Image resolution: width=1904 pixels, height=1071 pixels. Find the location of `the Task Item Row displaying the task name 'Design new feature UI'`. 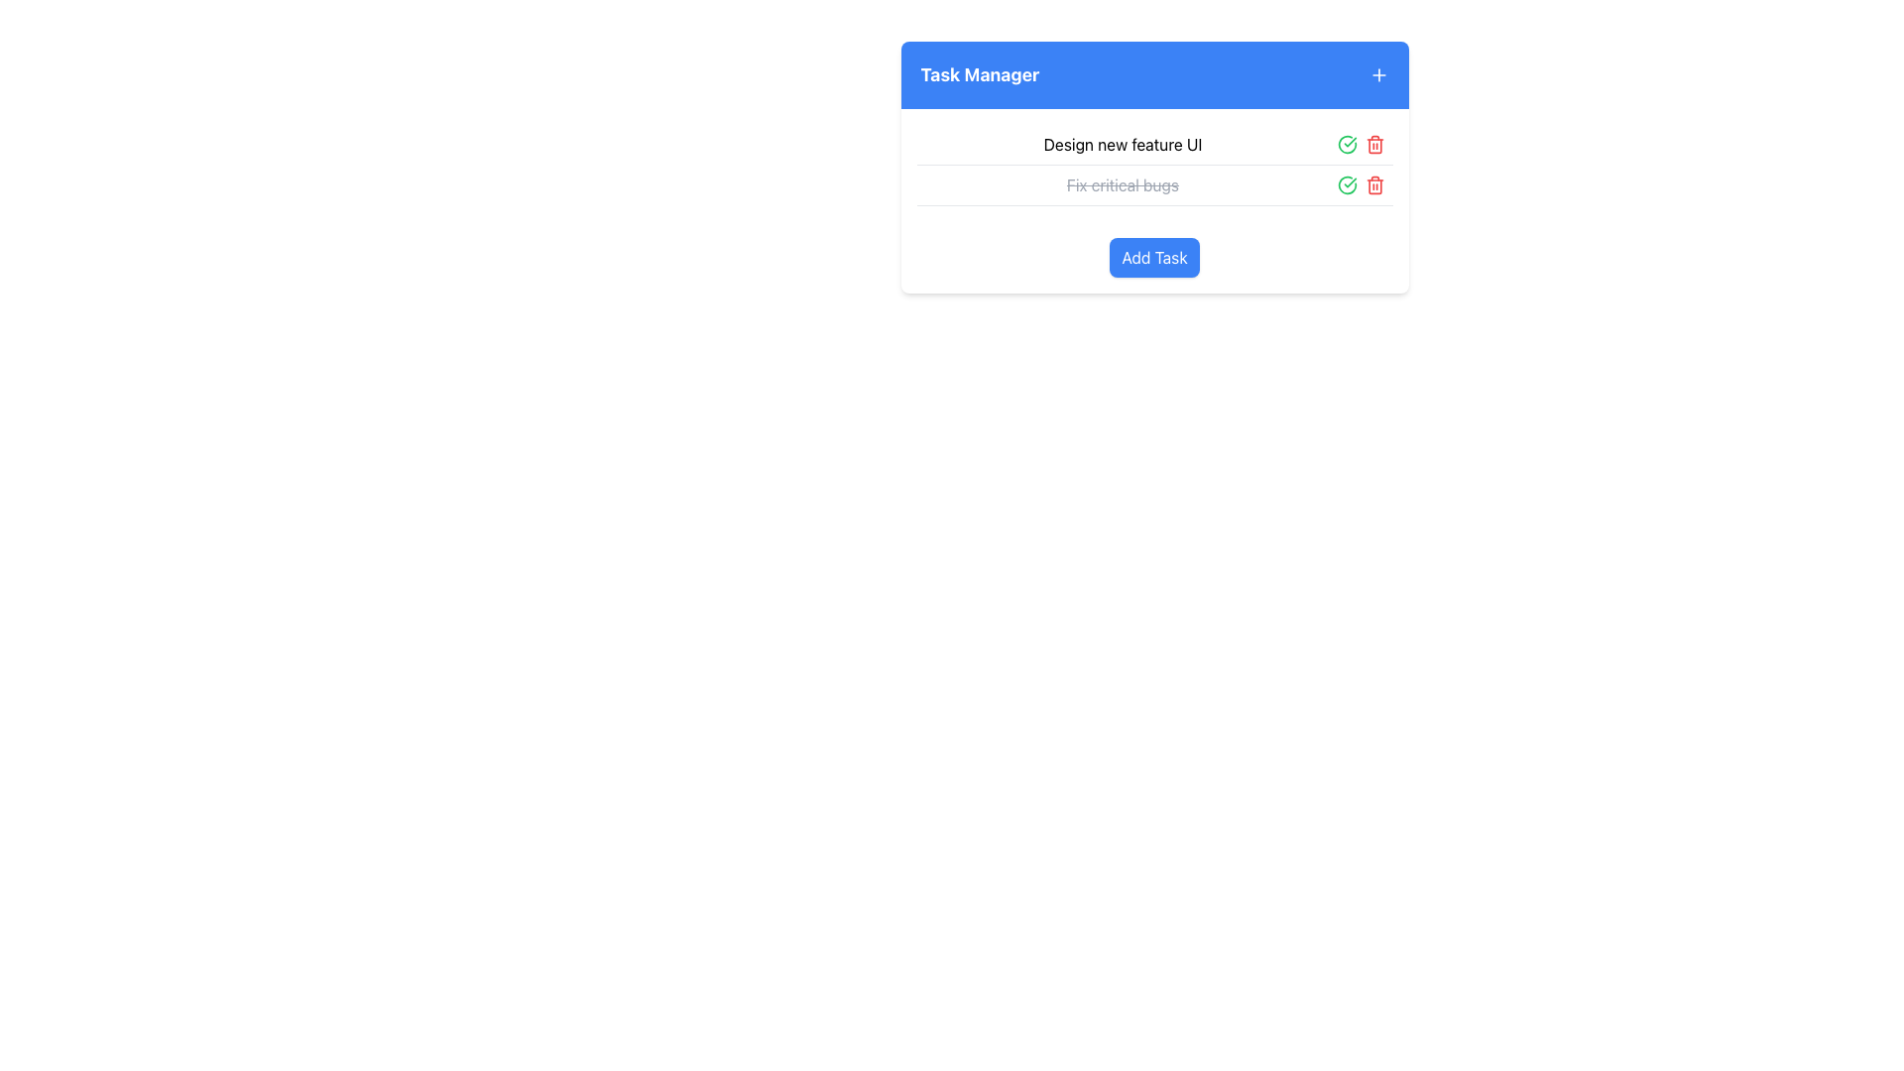

the Task Item Row displaying the task name 'Design new feature UI' is located at coordinates (1154, 144).